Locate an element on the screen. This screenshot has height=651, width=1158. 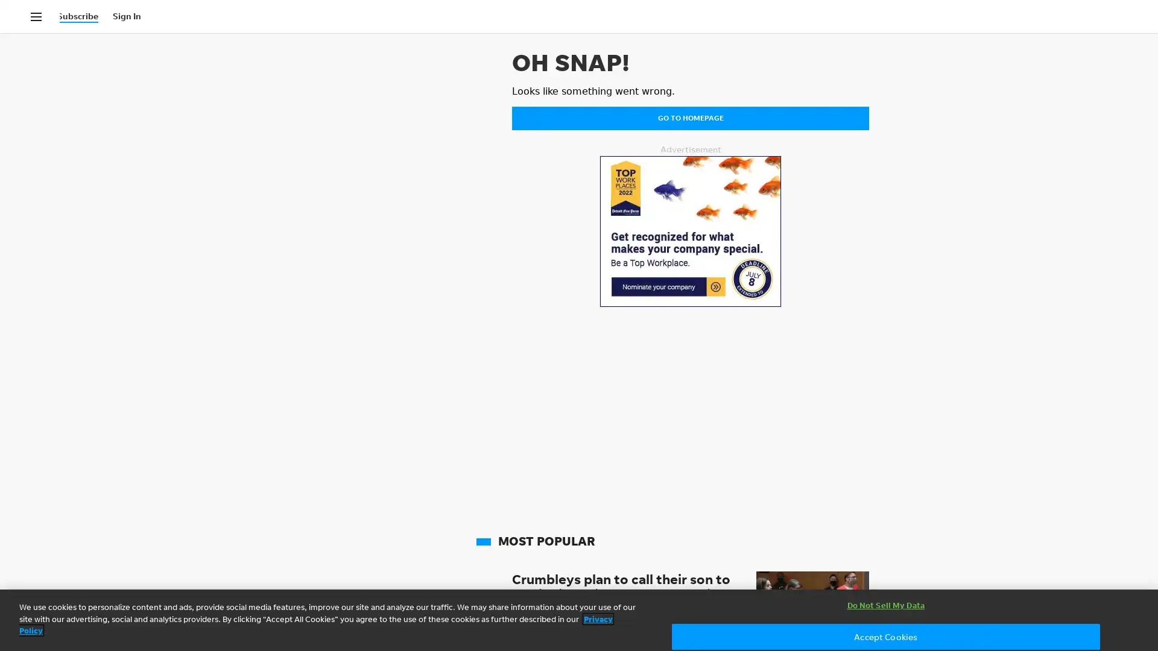
Do Not Sell My Data is located at coordinates (885, 605).